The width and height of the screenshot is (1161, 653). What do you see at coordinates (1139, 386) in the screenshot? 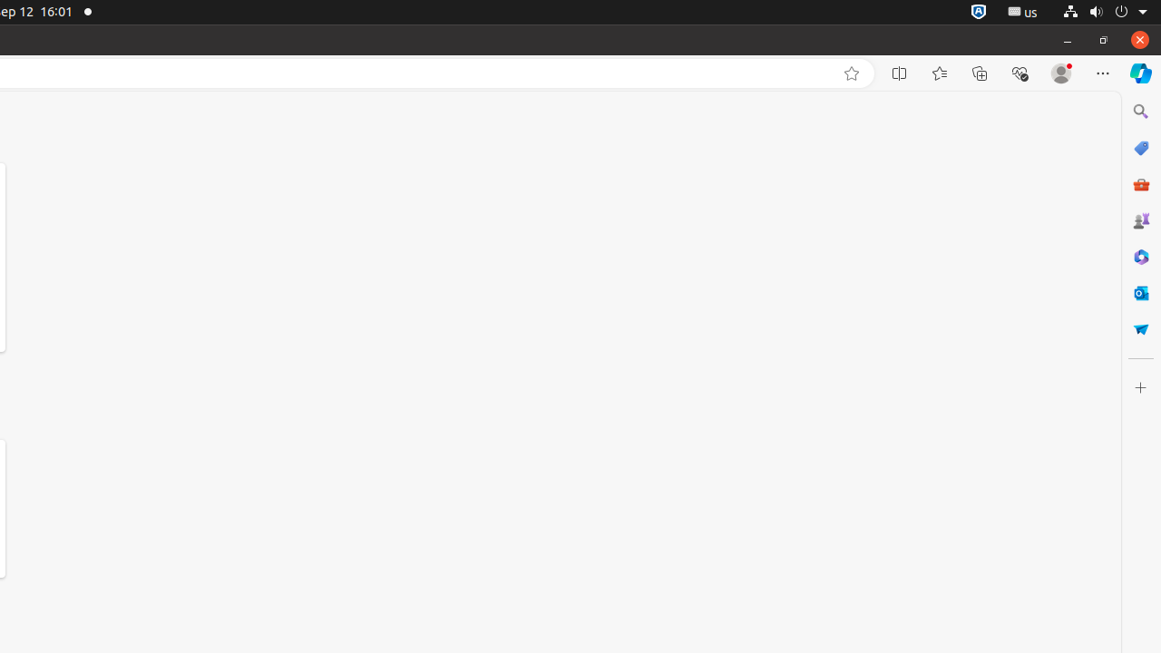
I see `'Customize'` at bounding box center [1139, 386].